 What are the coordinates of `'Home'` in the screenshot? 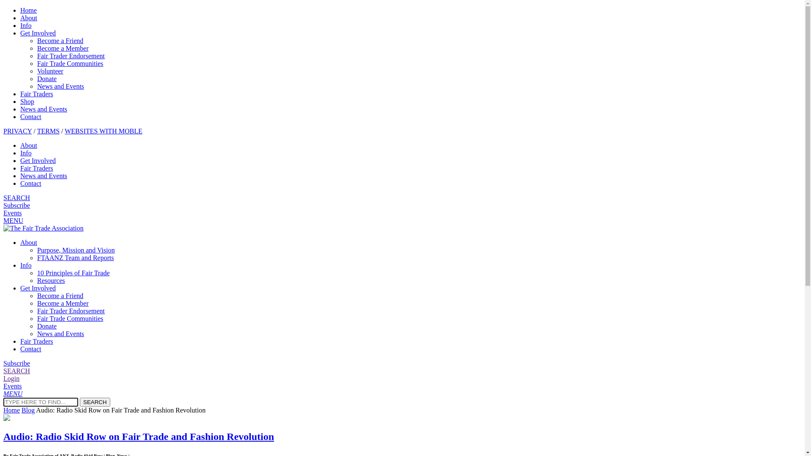 It's located at (28, 10).